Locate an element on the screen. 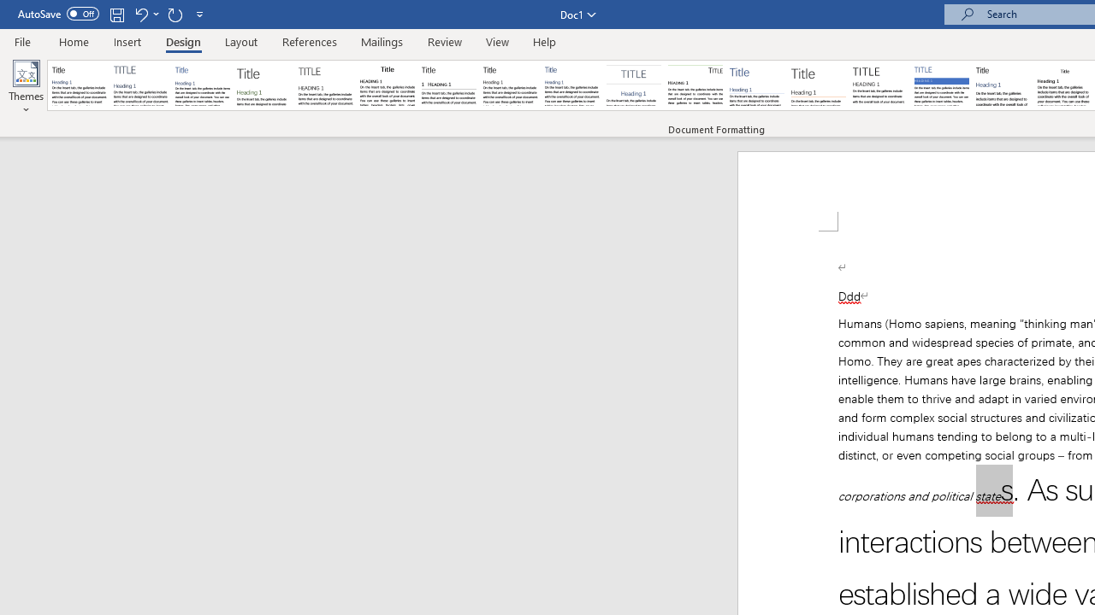 This screenshot has width=1095, height=615. 'View' is located at coordinates (497, 41).